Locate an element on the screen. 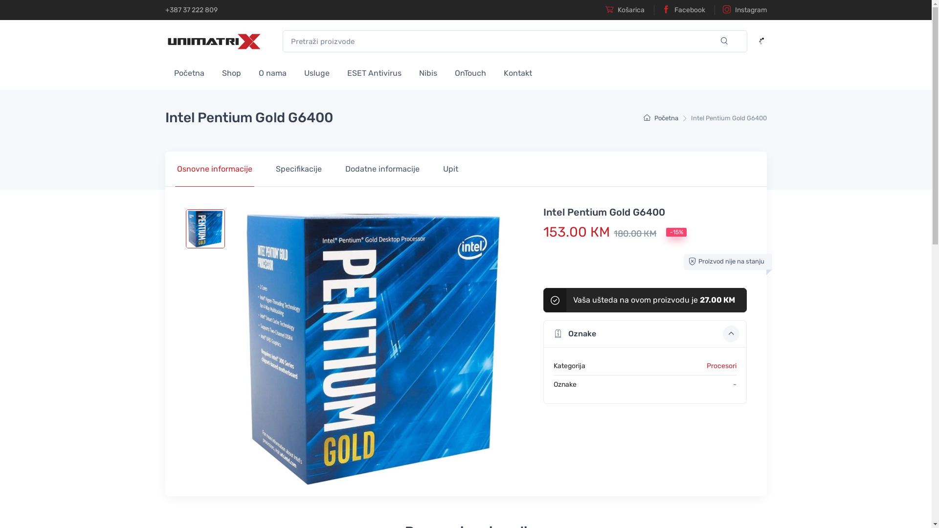 The height and width of the screenshot is (528, 939). 'Specifikacije' is located at coordinates (264, 169).